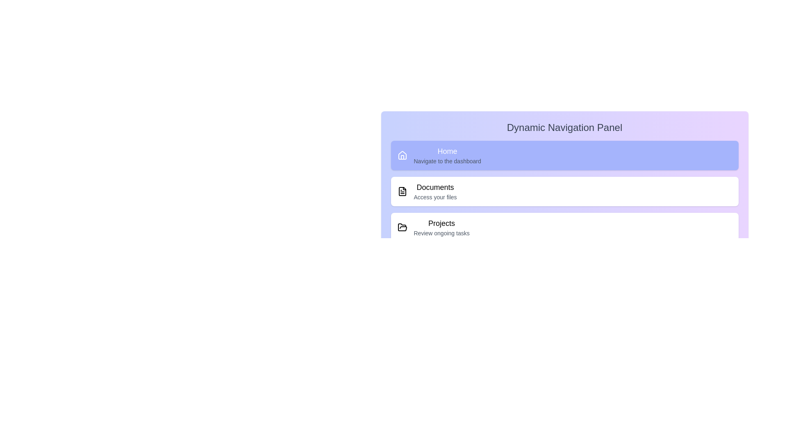 The height and width of the screenshot is (442, 787). I want to click on the icon corresponding to Home, so click(402, 156).